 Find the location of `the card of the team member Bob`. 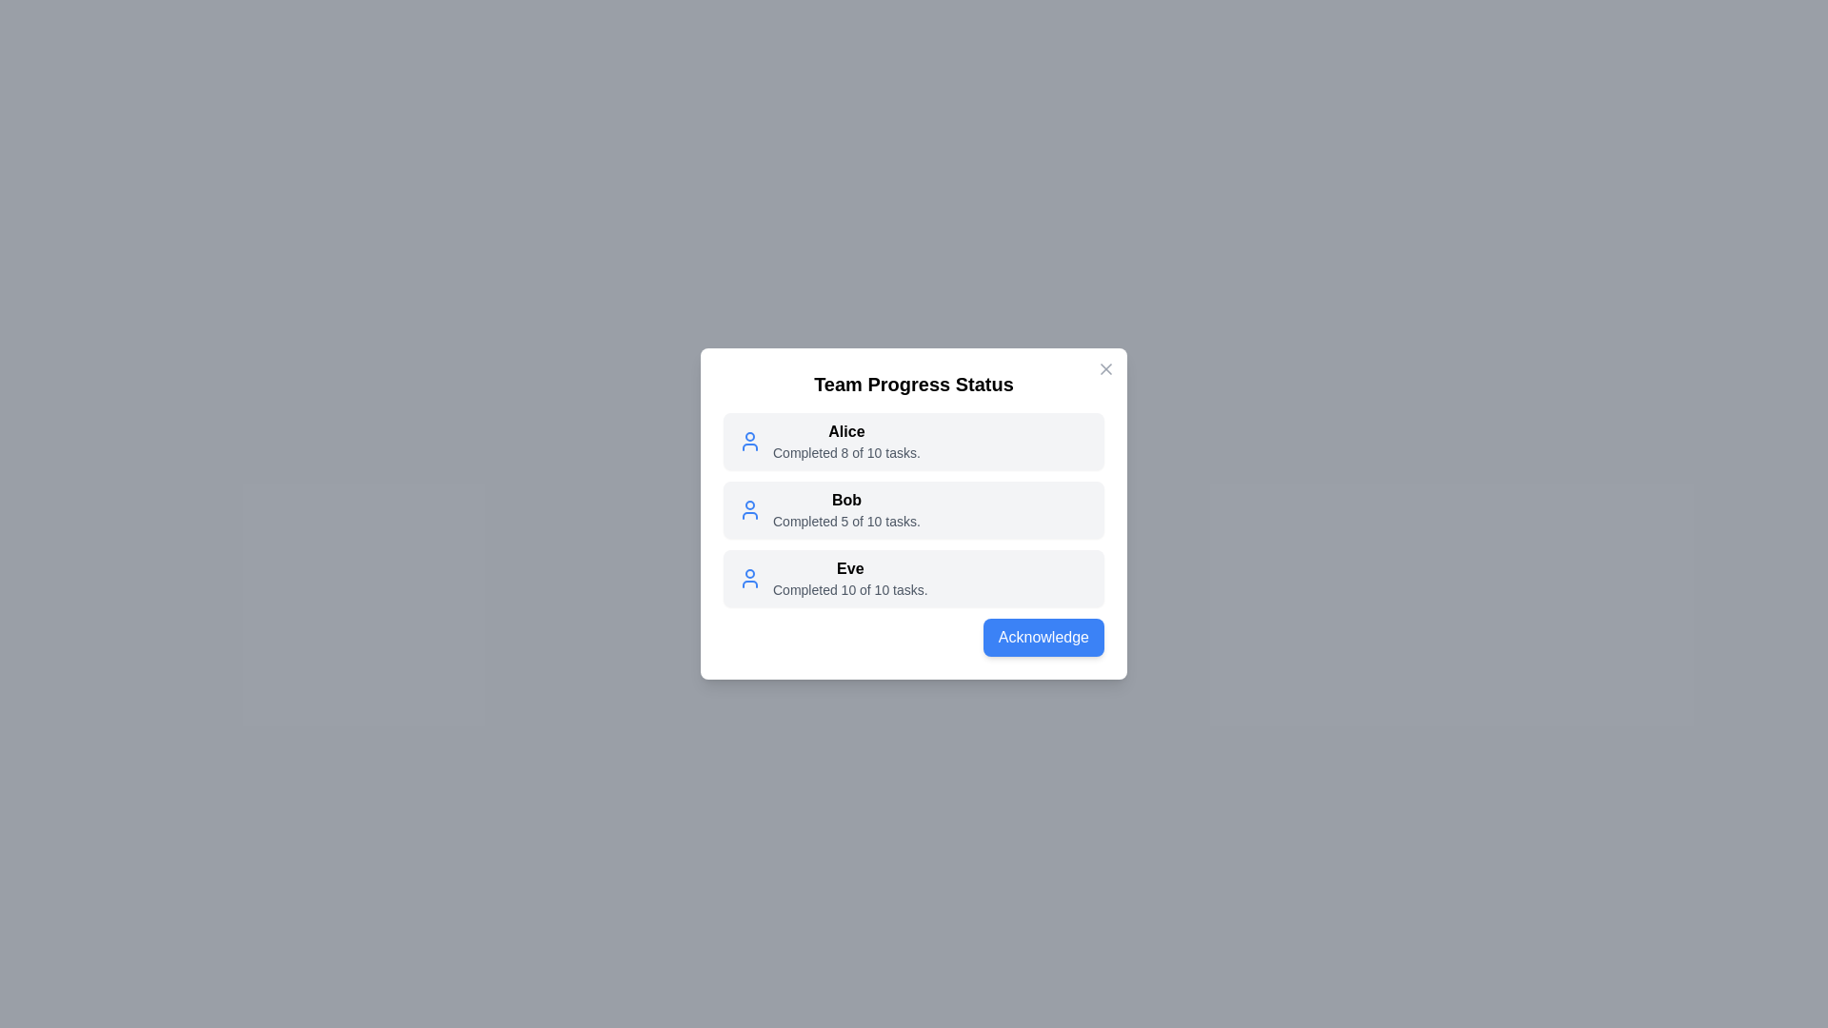

the card of the team member Bob is located at coordinates (914, 509).